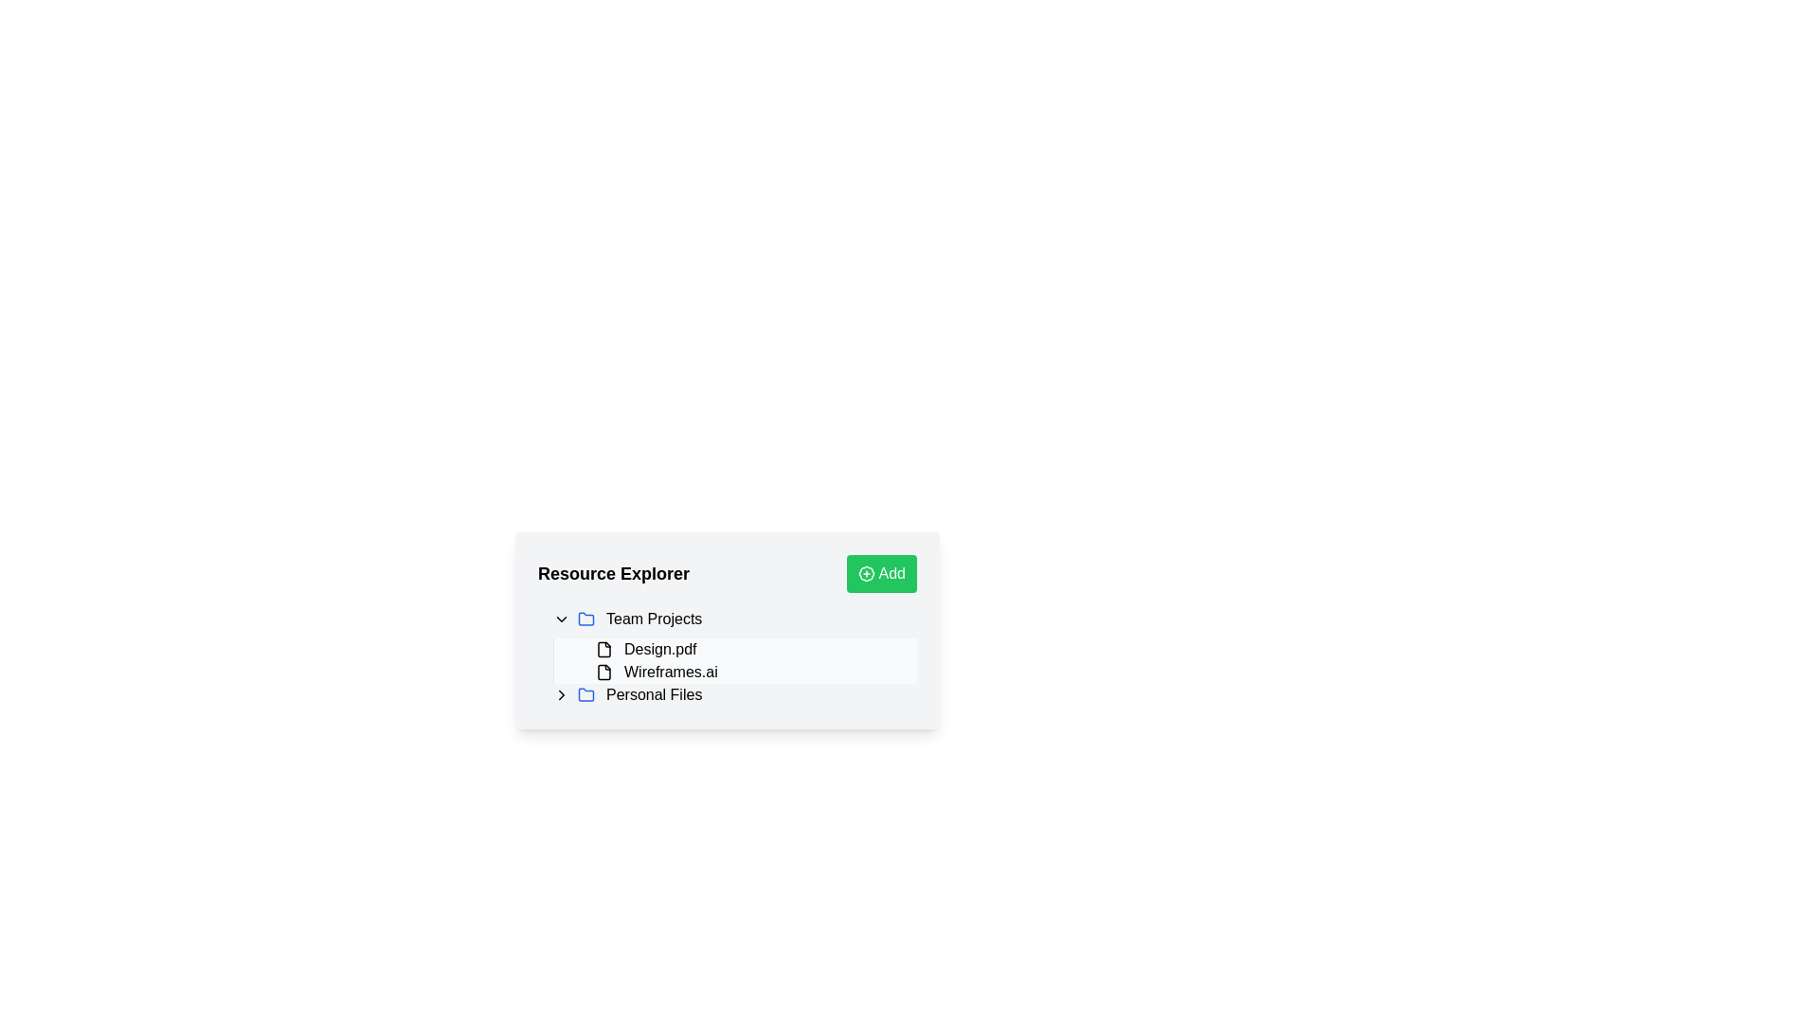 This screenshot has height=1023, width=1819. I want to click on the file representation icon located to the left of the label text 'Wireframes.ai' in the Resource Explorer interface by moving the cursor to its center, so click(603, 671).